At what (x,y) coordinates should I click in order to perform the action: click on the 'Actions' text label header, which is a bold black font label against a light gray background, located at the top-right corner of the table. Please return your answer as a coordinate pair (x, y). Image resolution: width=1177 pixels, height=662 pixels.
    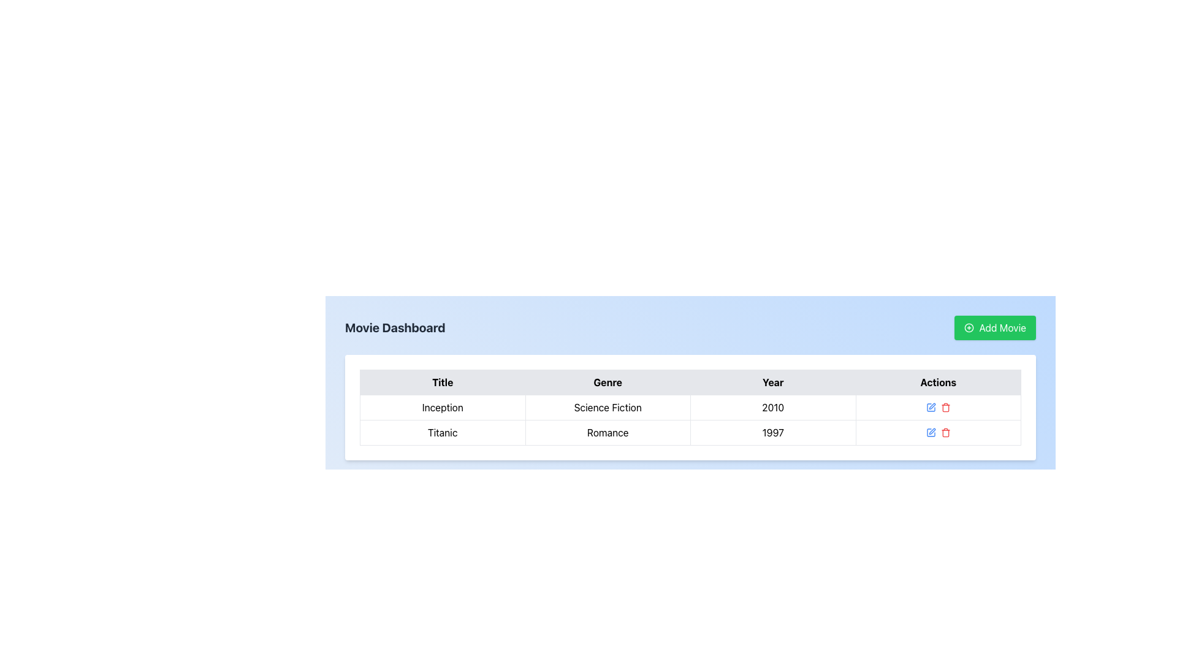
    Looking at the image, I should click on (937, 382).